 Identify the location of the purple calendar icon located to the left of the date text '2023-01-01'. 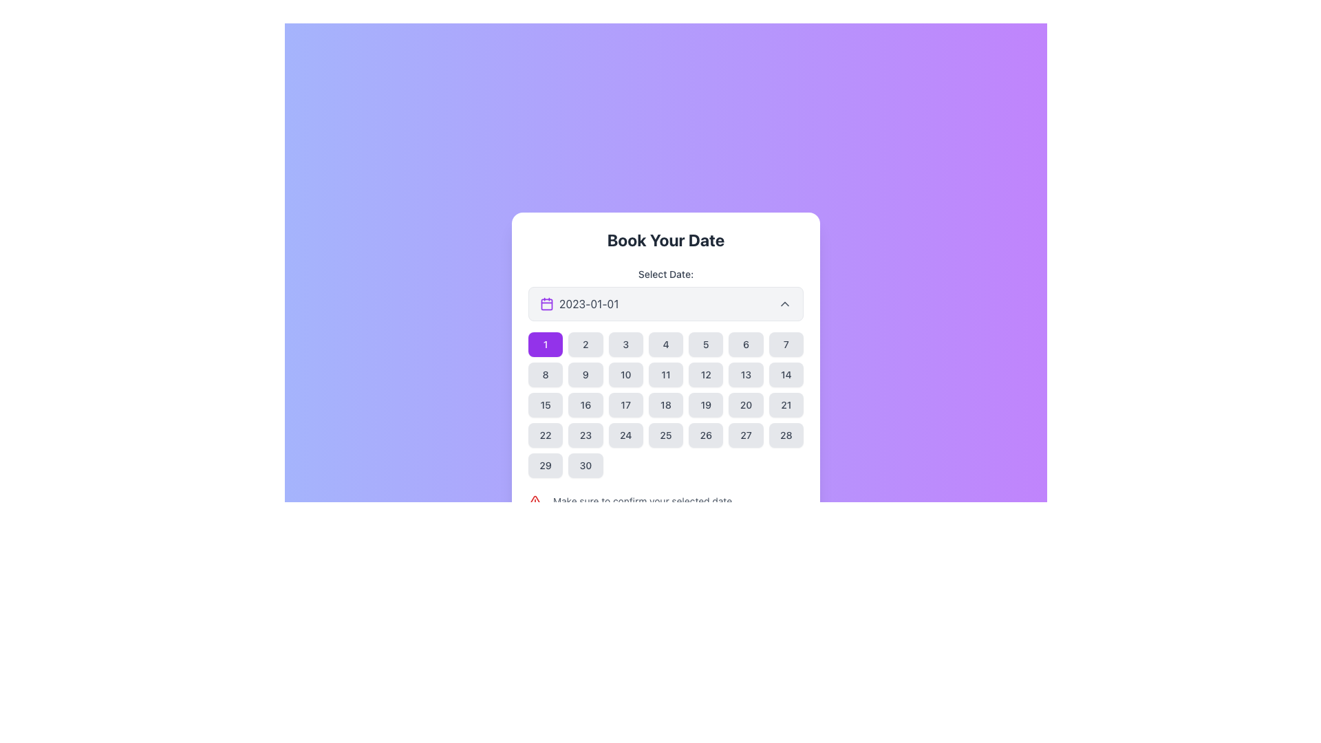
(546, 303).